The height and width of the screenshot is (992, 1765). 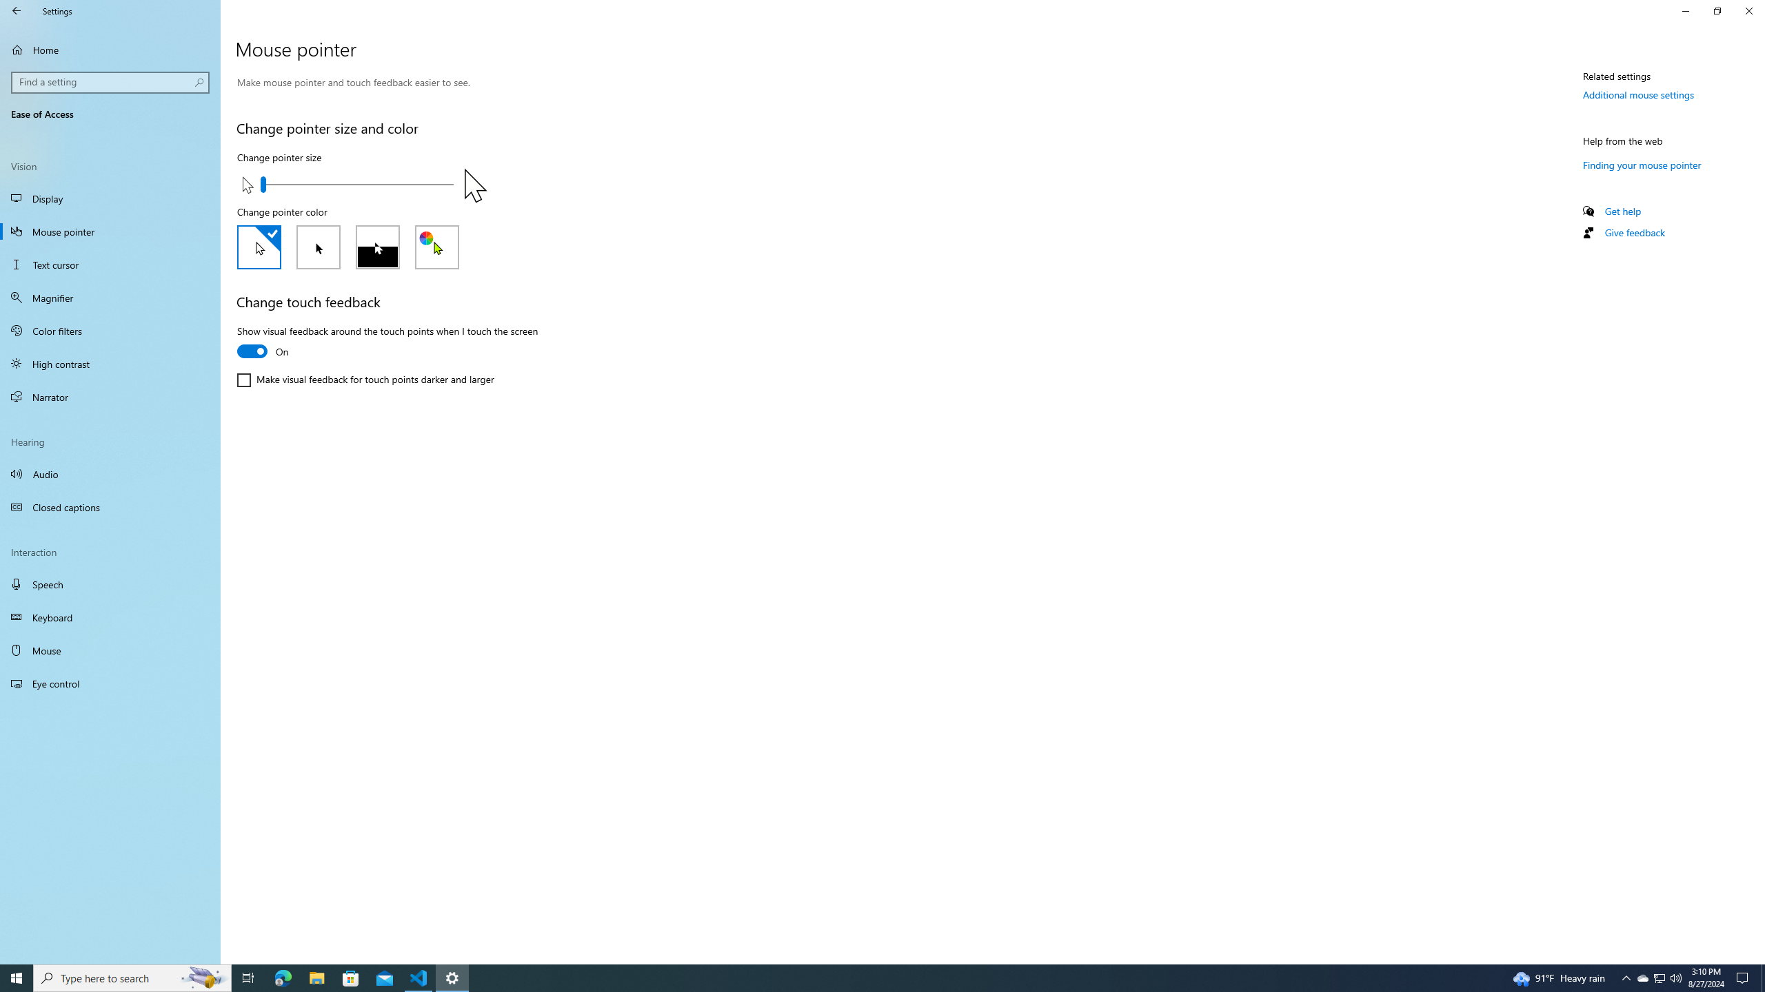 I want to click on 'Display', so click(x=110, y=198).